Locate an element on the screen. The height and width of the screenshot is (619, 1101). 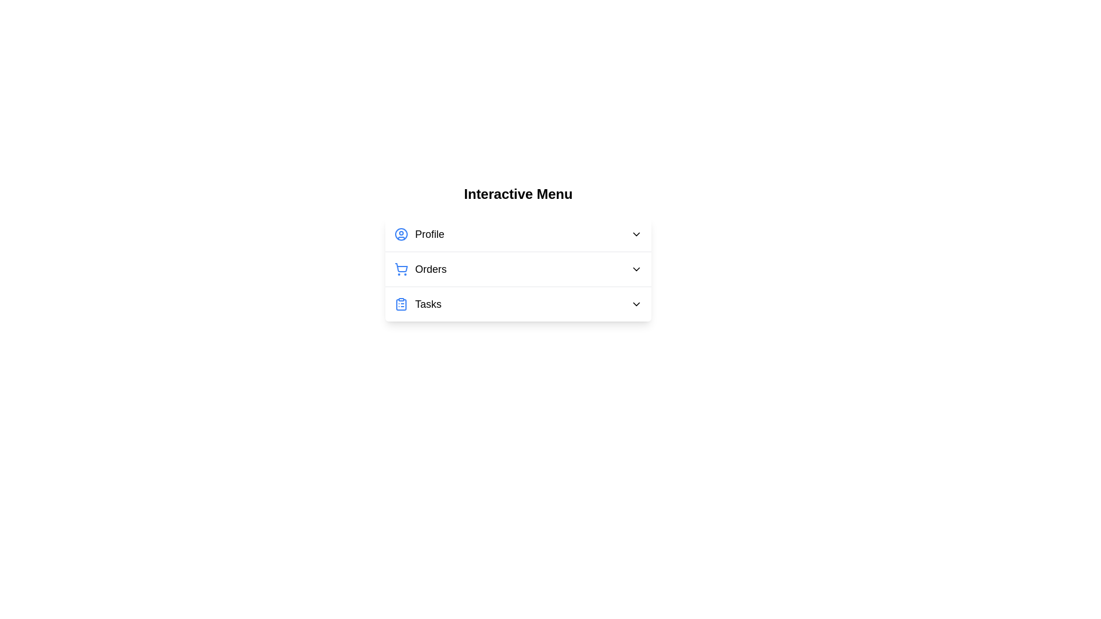
the 'Orders' menu item, which is the middle option in the vertical list of 'Profile', 'Orders', and 'Tasks', located to the right of the shopping cart icon is located at coordinates (430, 269).